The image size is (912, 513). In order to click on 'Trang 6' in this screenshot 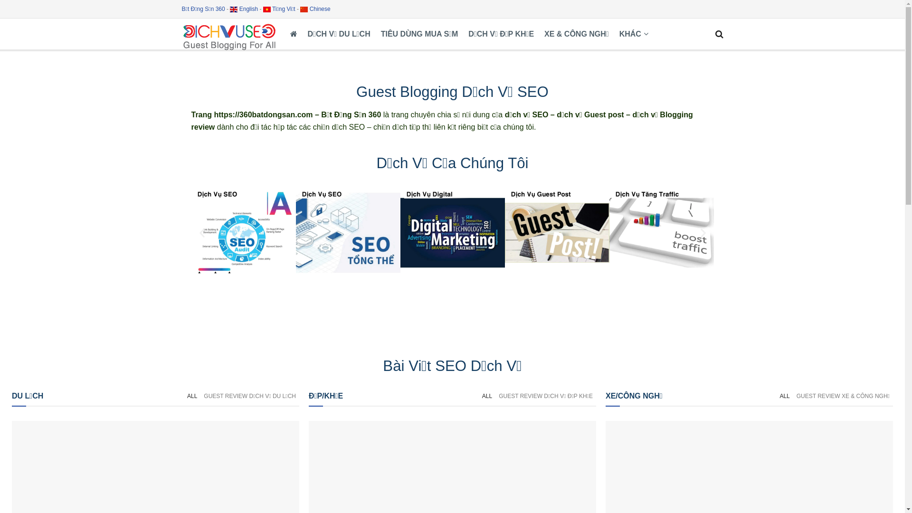, I will do `click(451, 232)`.